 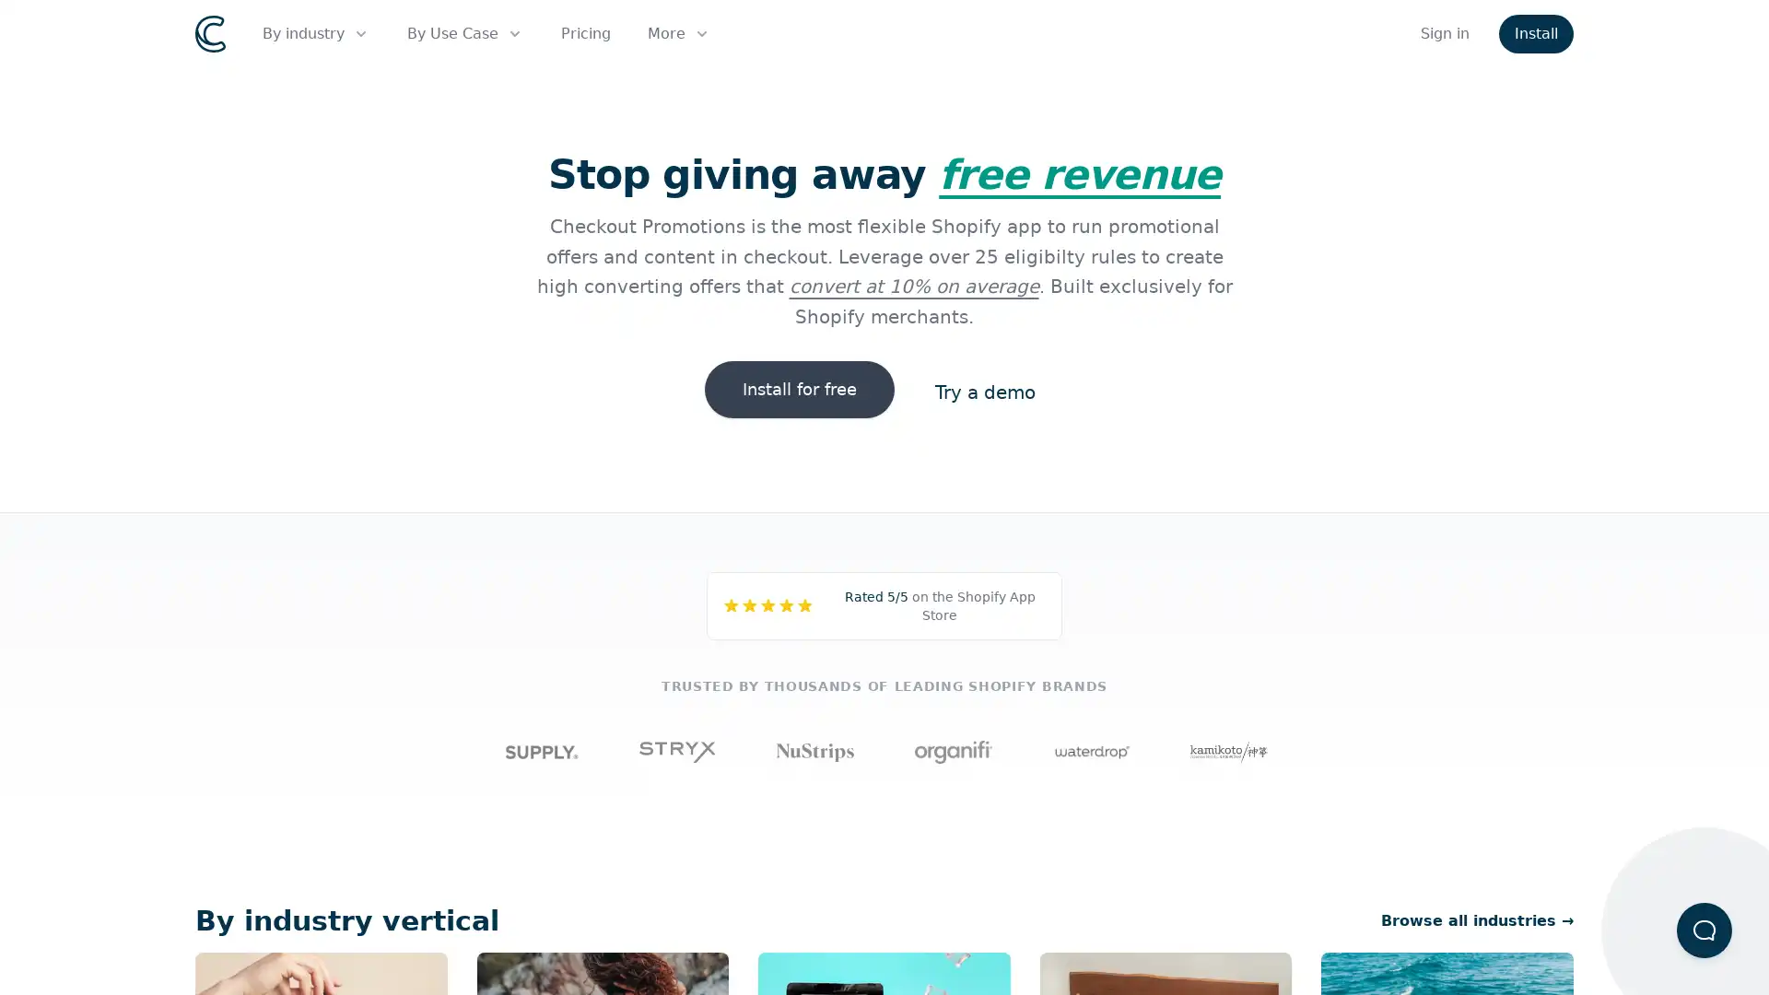 I want to click on More, so click(x=678, y=34).